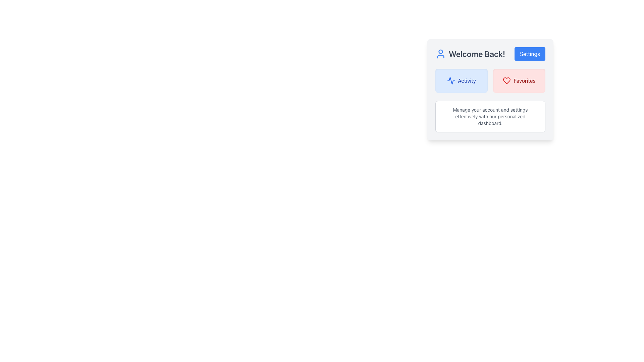 The image size is (644, 362). What do you see at coordinates (490, 116) in the screenshot?
I see `informational text element providing guidance about managing the account and utilizing settings within the personalized dashboard, located below 'Activity' and 'Favorites' cards in the 'Welcome Back!' panel` at bounding box center [490, 116].